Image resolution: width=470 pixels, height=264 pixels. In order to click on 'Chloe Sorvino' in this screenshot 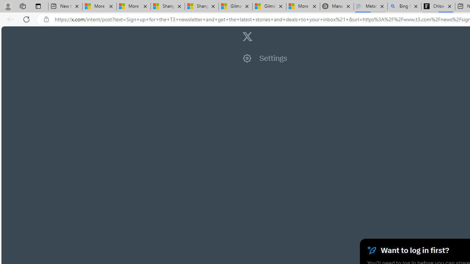, I will do `click(438, 6)`.